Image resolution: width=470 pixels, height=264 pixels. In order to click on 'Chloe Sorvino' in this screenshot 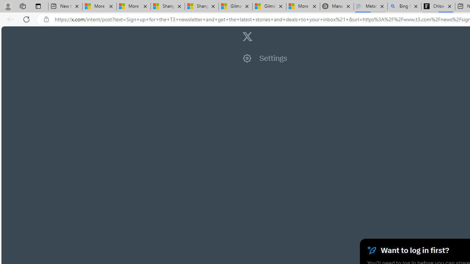, I will do `click(438, 6)`.